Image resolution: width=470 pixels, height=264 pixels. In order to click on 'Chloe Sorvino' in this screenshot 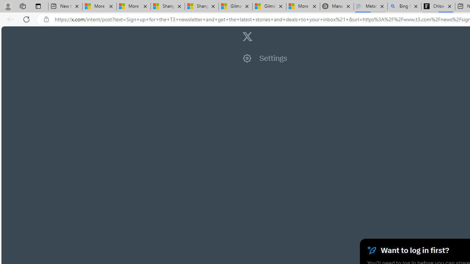, I will do `click(438, 6)`.